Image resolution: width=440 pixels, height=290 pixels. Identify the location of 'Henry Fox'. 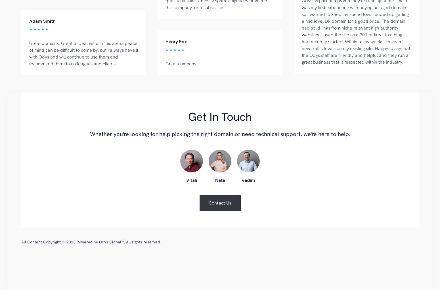
(176, 41).